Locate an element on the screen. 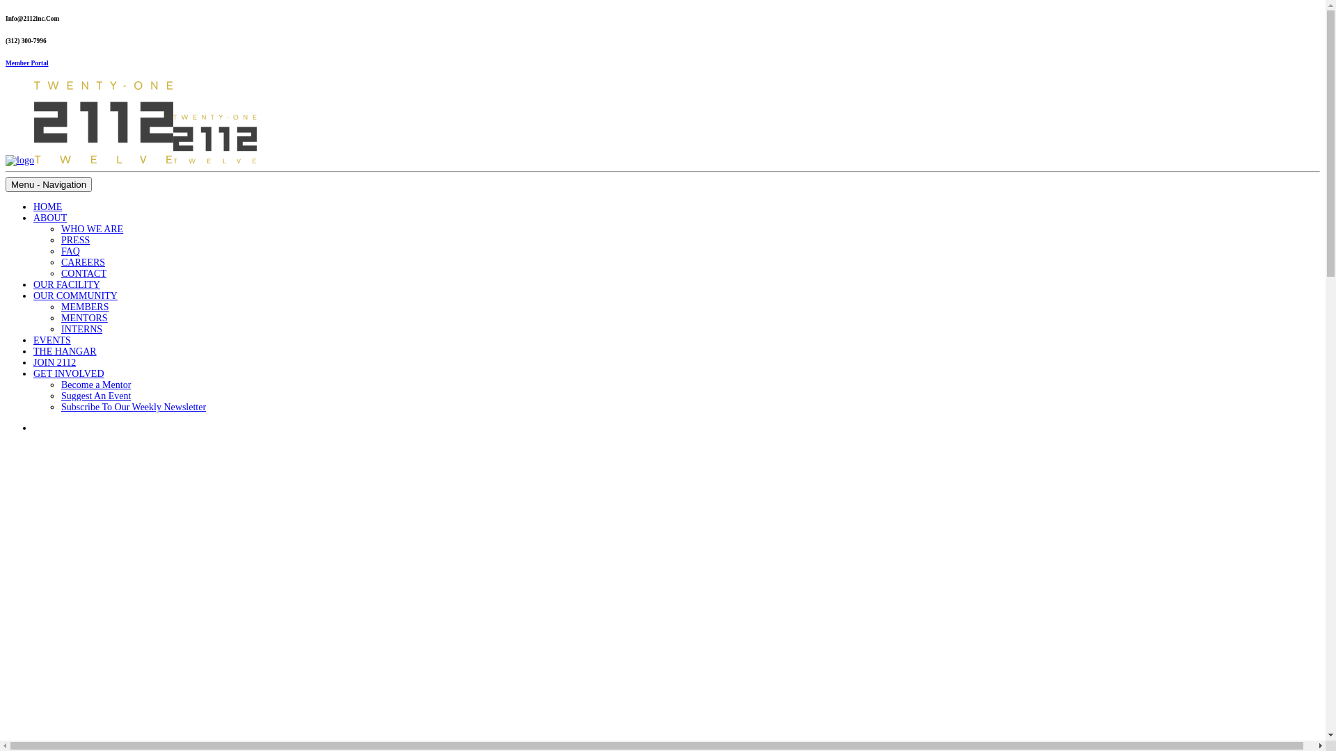 The height and width of the screenshot is (751, 1336). 'JOIN 2112' is located at coordinates (54, 362).